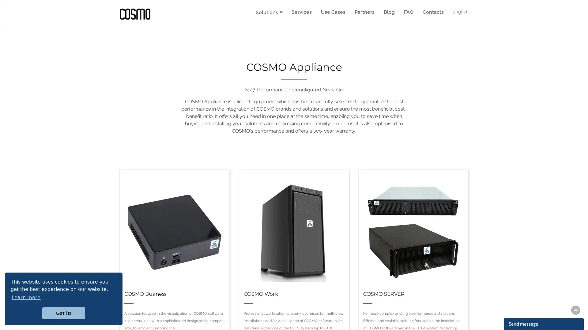  Describe the element at coordinates (63, 313) in the screenshot. I see `dismiss cookie message` at that location.